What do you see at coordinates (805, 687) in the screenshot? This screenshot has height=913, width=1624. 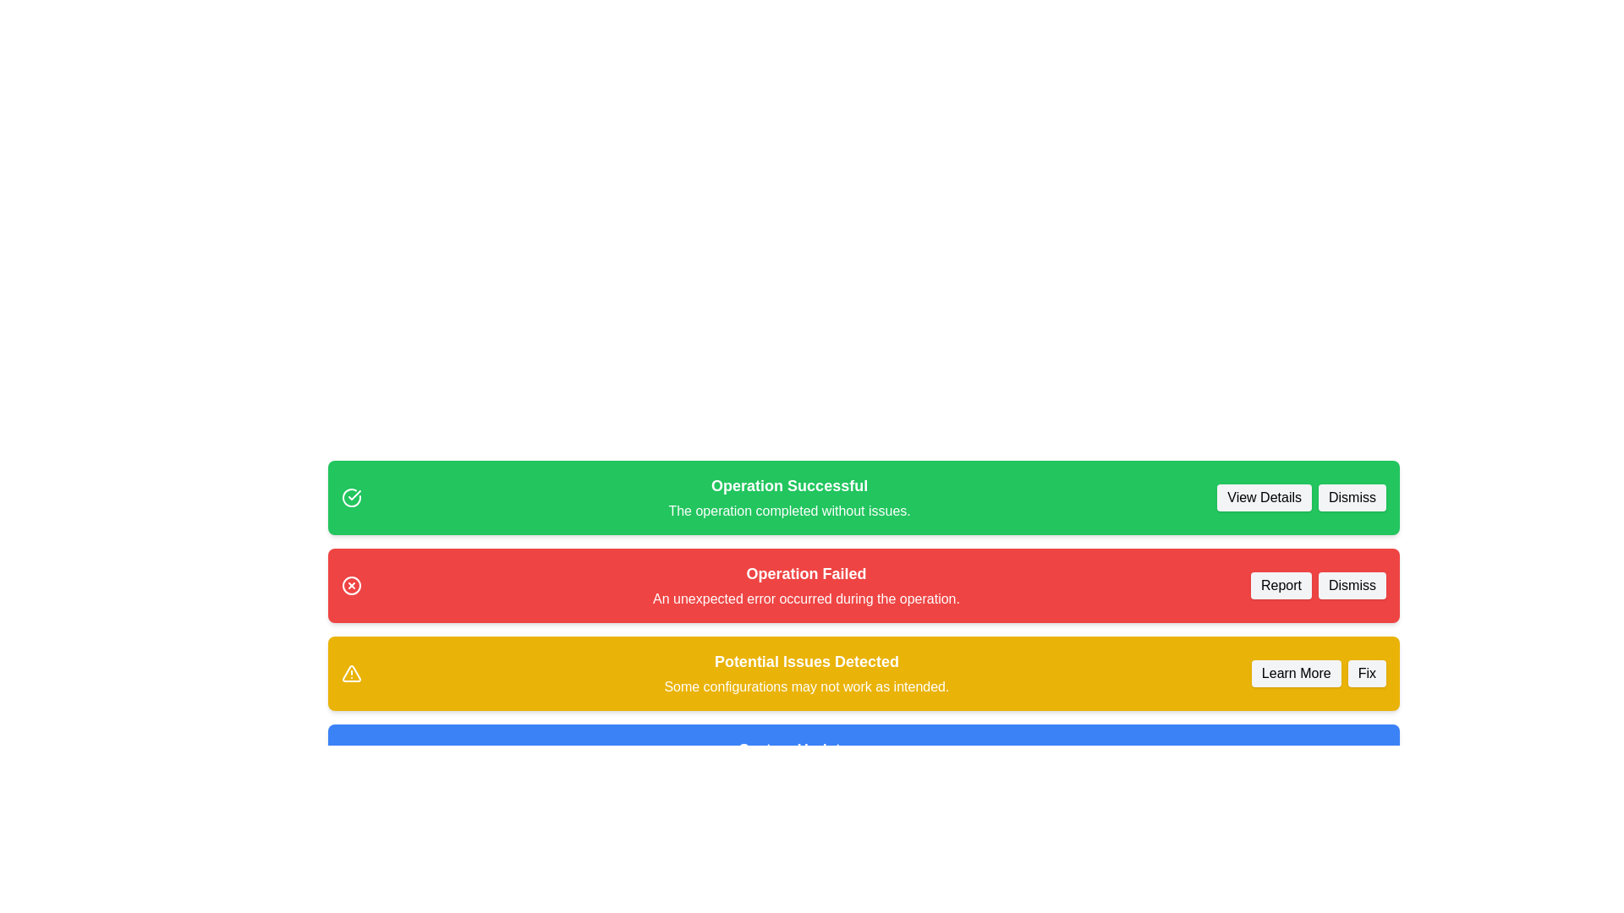 I see `the static text element that provides explanatory information regarding potential issues detected, which is located directly below the bold heading in the yellow notification banner` at bounding box center [805, 687].